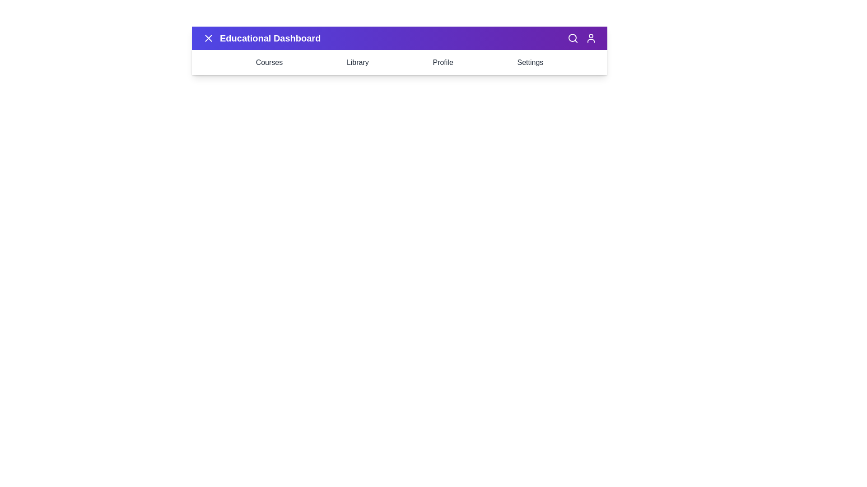  What do you see at coordinates (208, 37) in the screenshot?
I see `the button with the X icon to toggle the menu visibility` at bounding box center [208, 37].